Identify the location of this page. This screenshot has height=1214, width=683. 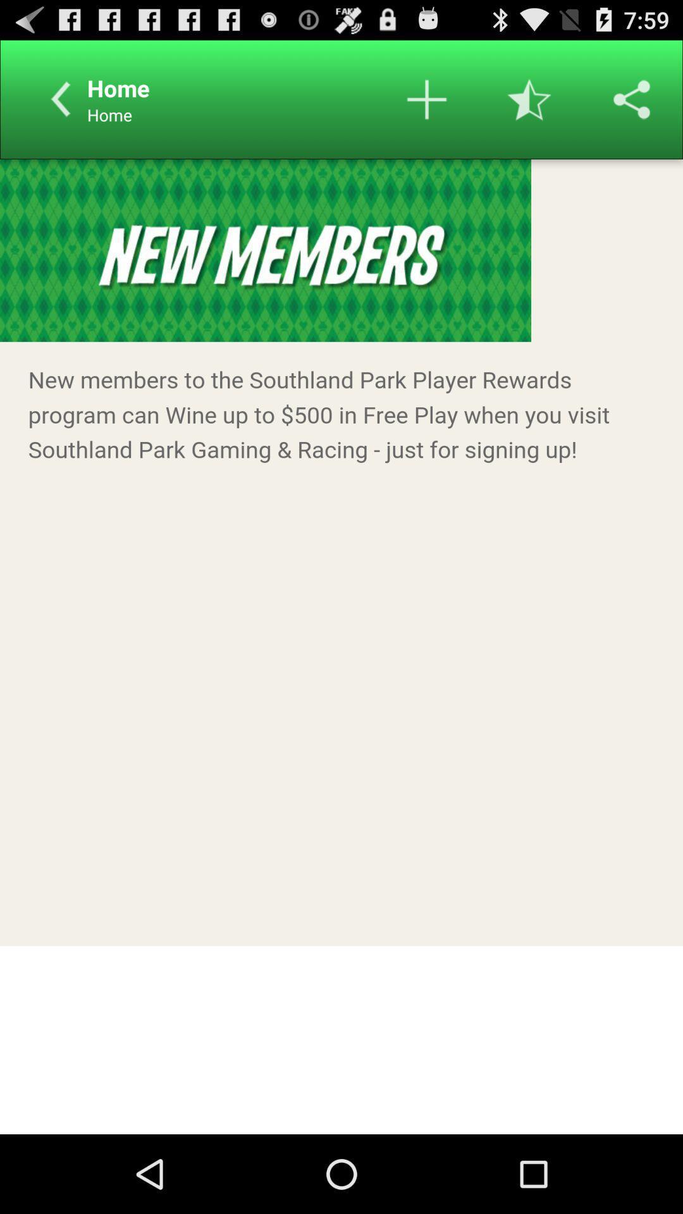
(529, 99).